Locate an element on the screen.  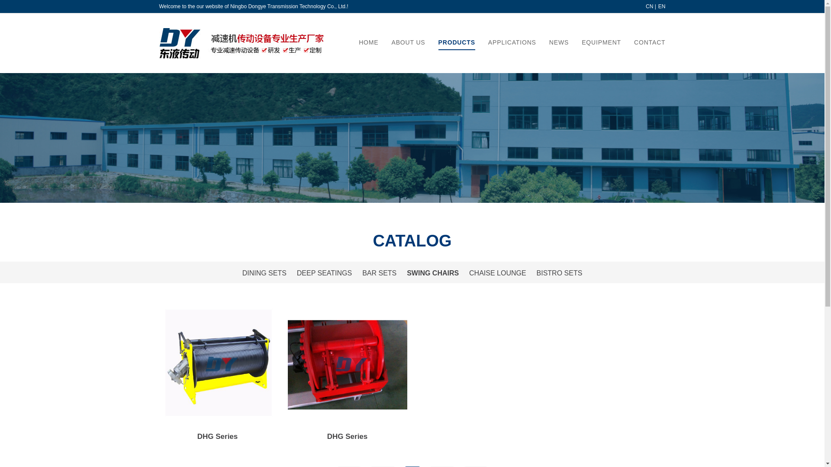
'DEEP SEATINGS' is located at coordinates (297, 273).